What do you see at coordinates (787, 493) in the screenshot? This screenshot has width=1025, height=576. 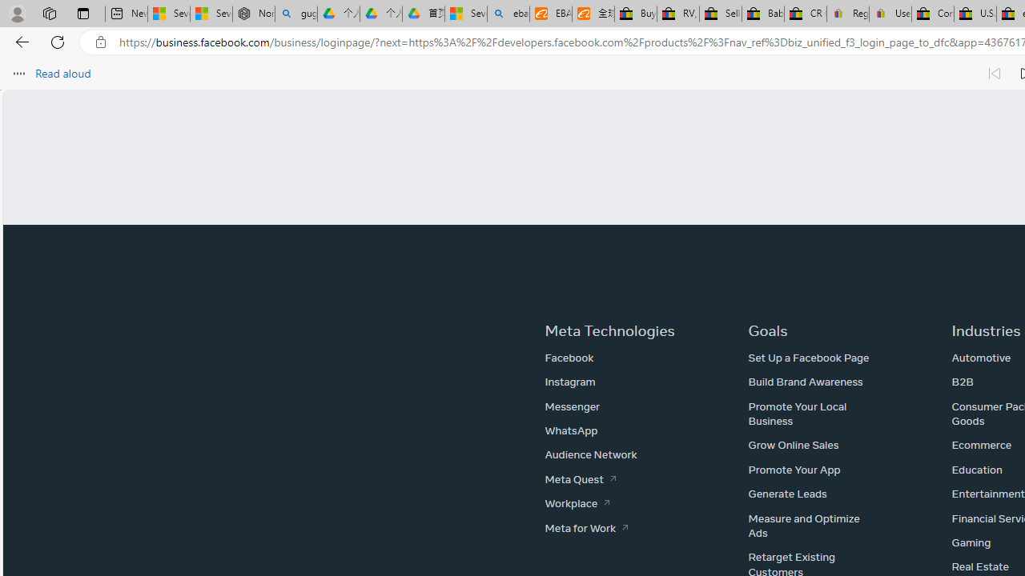 I see `'Generate Leads'` at bounding box center [787, 493].